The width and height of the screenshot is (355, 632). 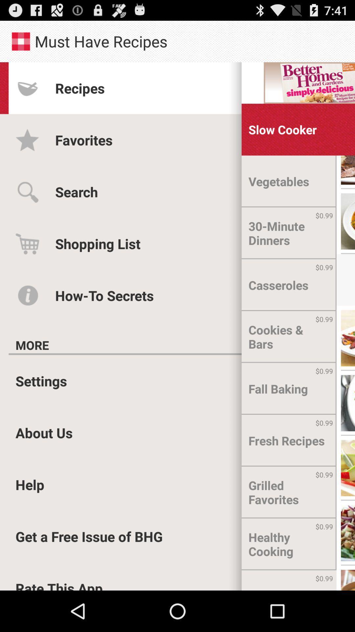 I want to click on the icon below settings icon, so click(x=44, y=433).